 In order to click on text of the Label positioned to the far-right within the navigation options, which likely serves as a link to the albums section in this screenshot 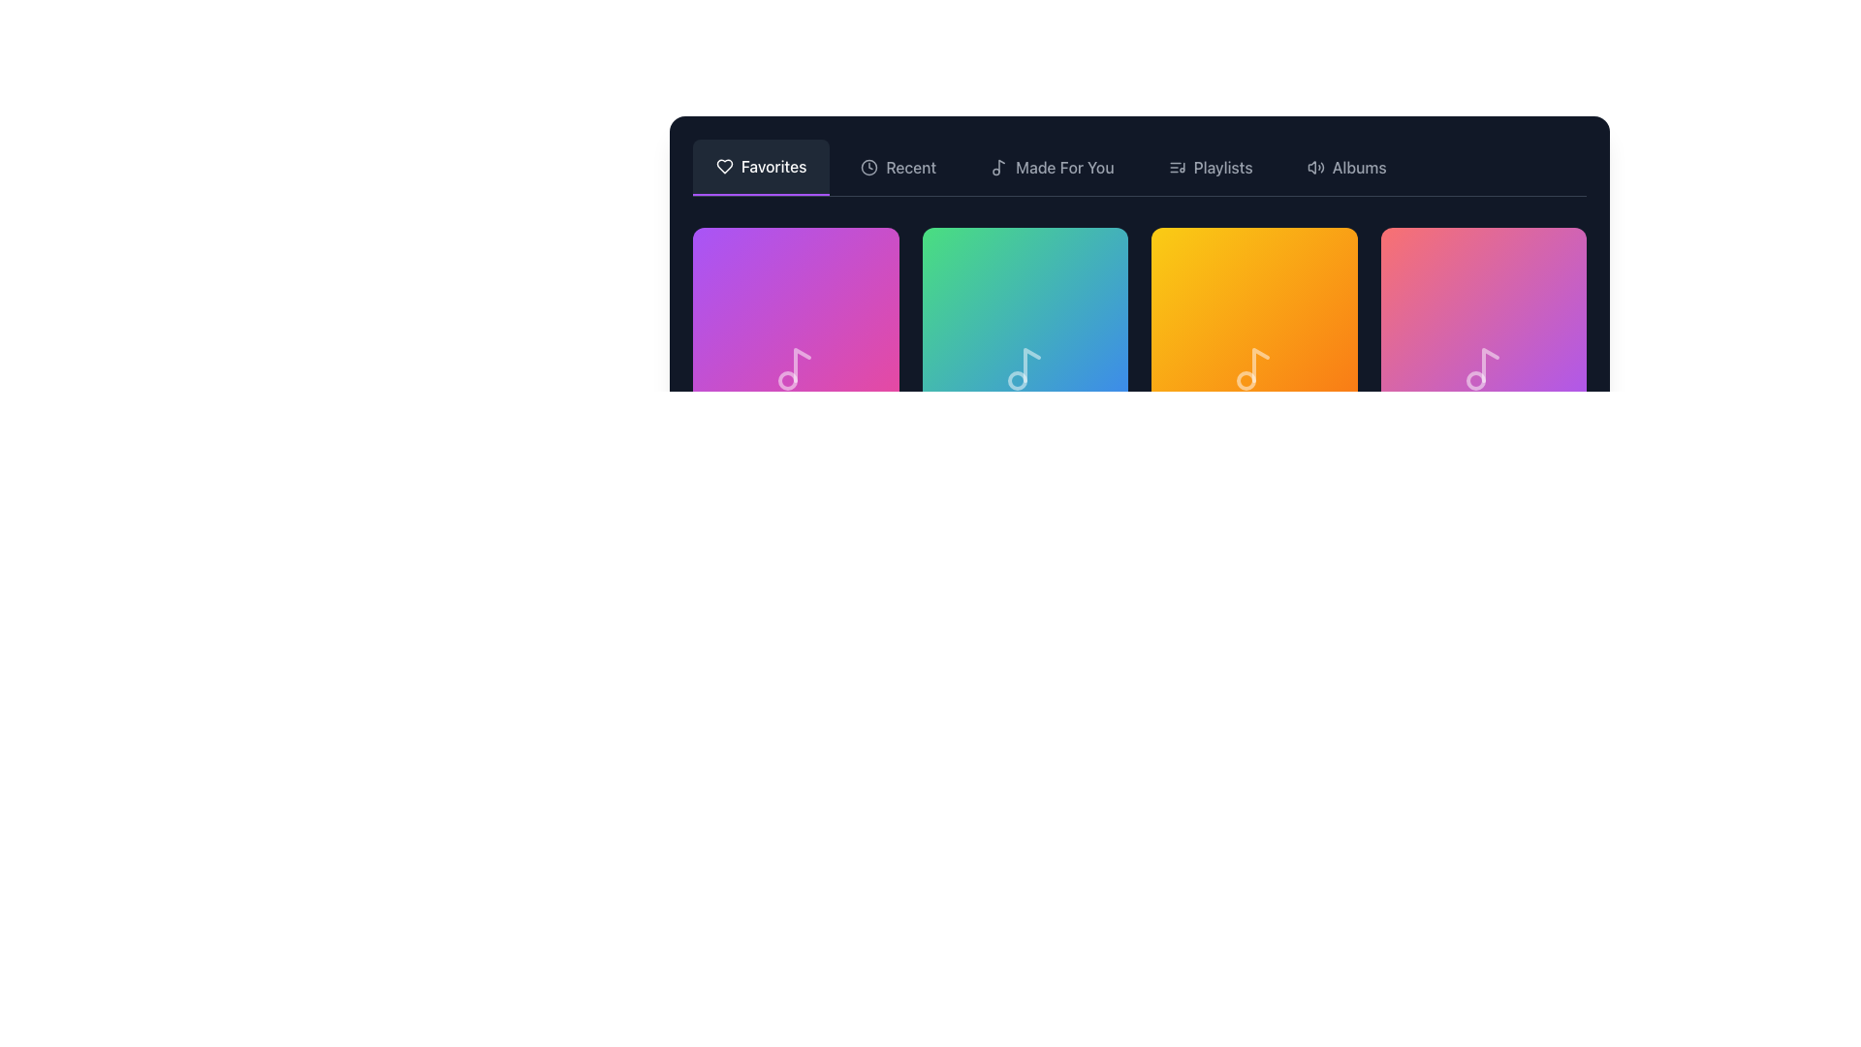, I will do `click(1358, 167)`.